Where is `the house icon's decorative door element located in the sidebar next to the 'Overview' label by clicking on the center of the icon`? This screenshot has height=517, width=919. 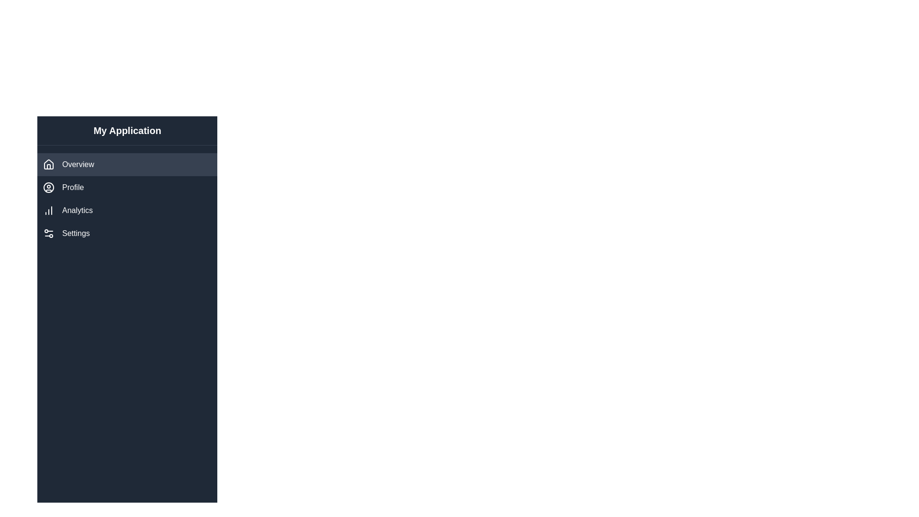 the house icon's decorative door element located in the sidebar next to the 'Overview' label by clicking on the center of the icon is located at coordinates (48, 166).